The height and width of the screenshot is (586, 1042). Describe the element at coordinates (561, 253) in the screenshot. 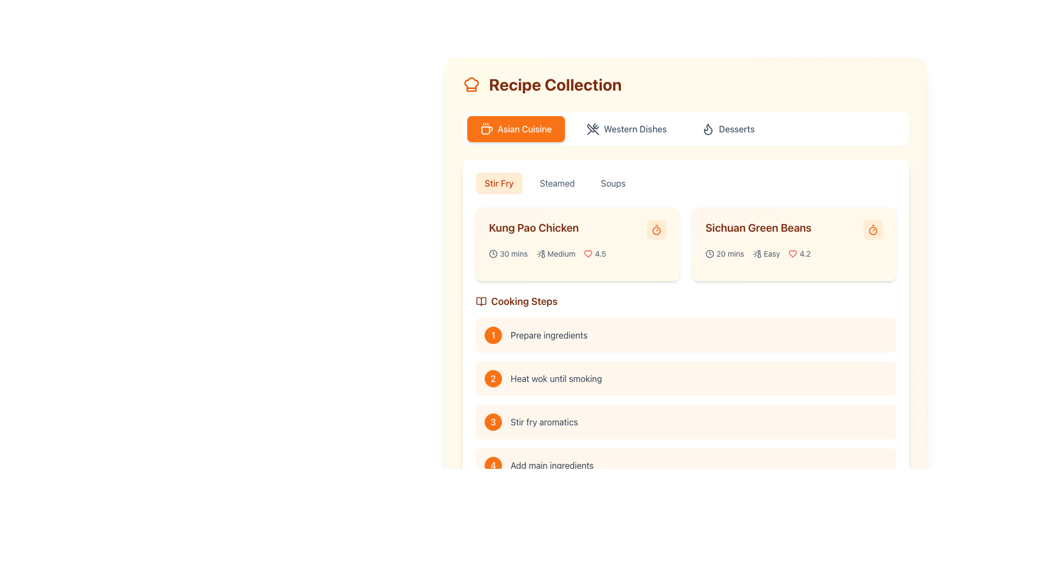

I see `the text label displaying 'Medium', which is part of the details section for 'Kung Pao Chicken', positioned between an icon and the heart icon` at that location.